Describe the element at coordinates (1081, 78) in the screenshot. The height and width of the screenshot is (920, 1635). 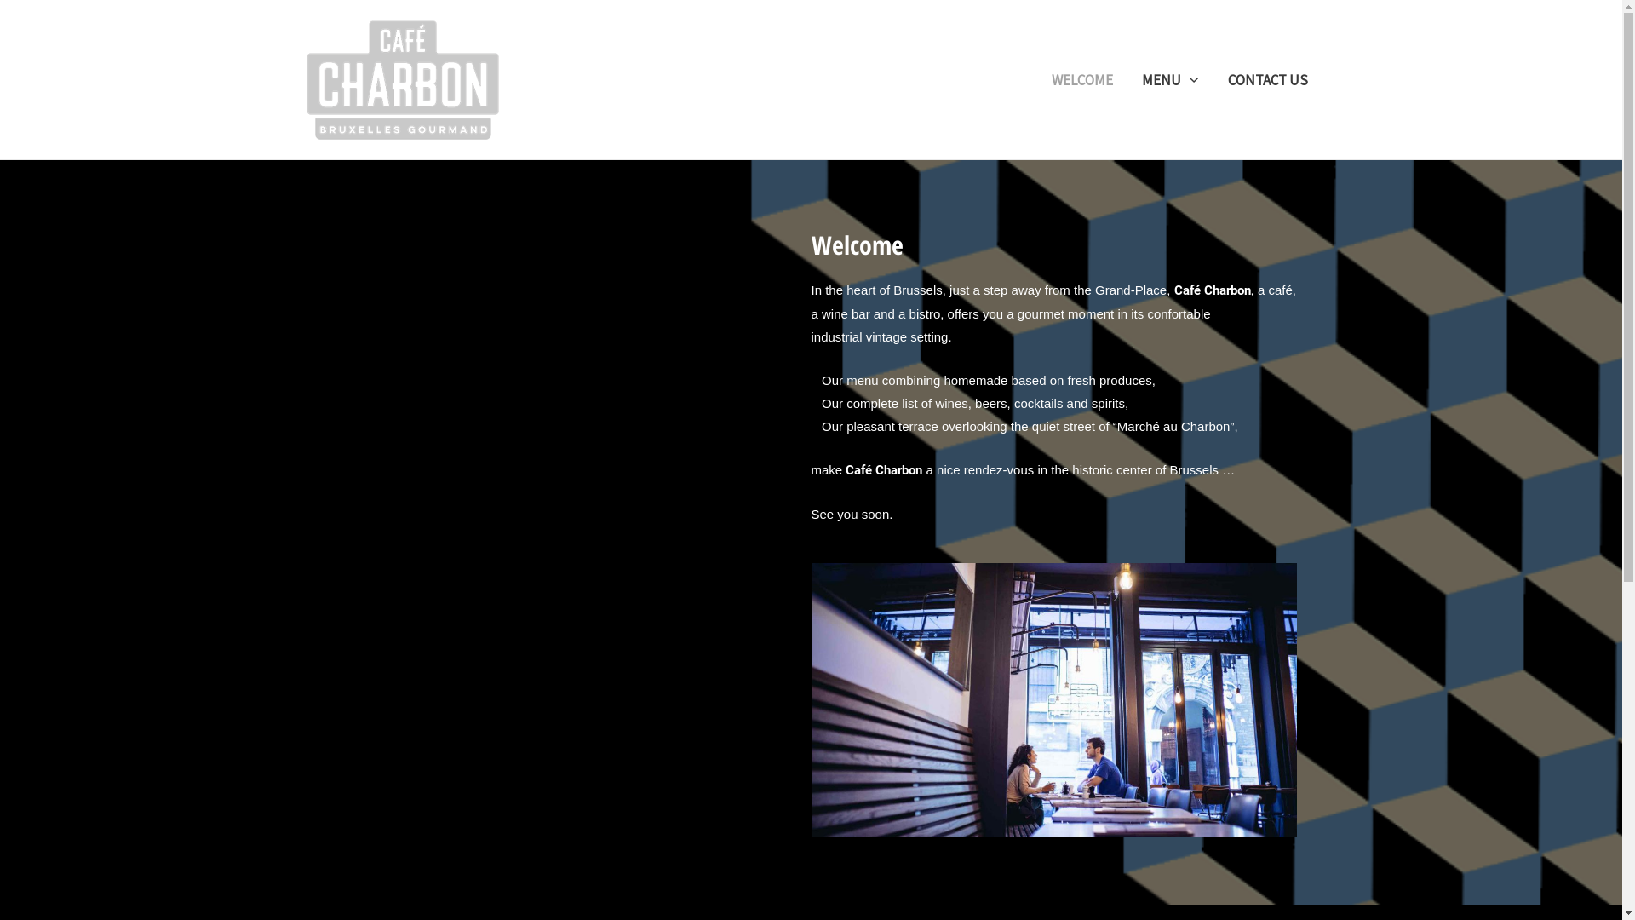
I see `'WELCOME'` at that location.